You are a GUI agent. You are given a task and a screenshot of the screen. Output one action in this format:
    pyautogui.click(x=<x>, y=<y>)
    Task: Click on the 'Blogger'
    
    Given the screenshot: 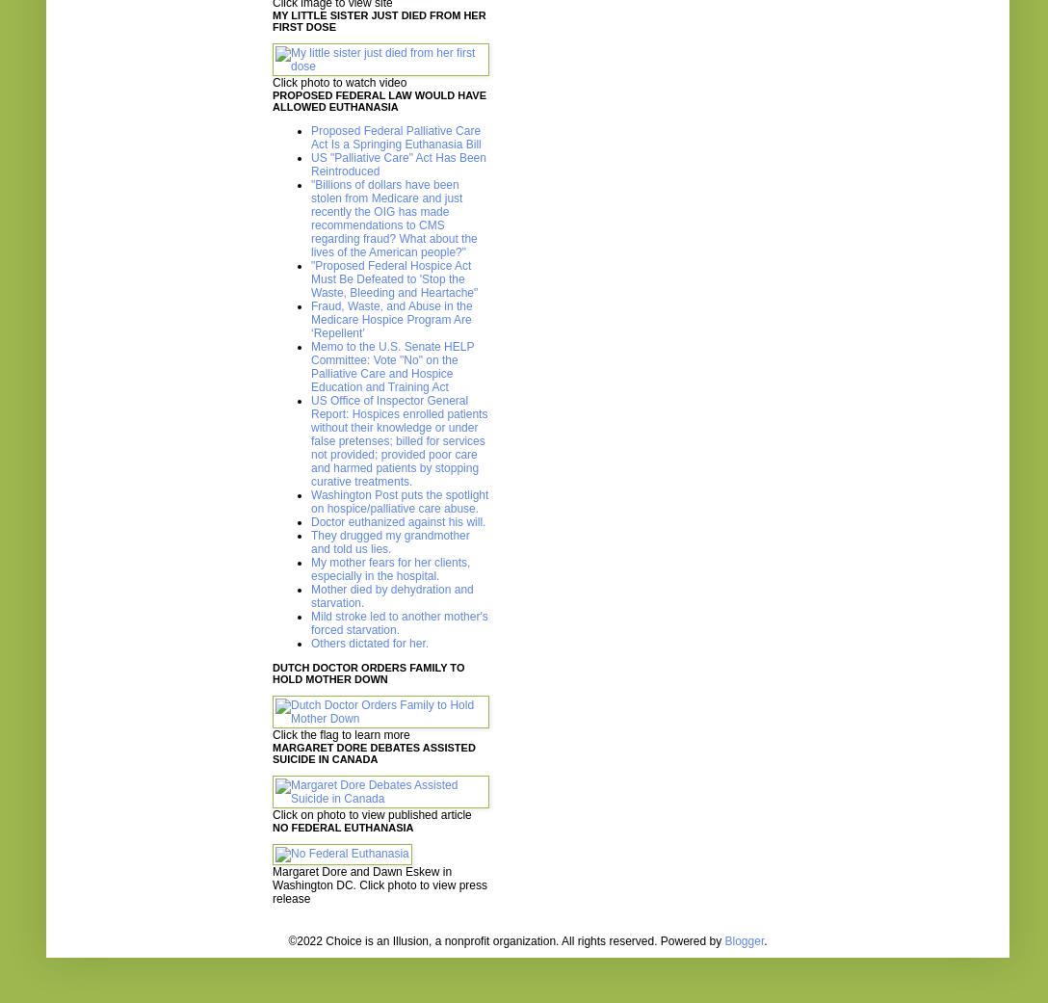 What is the action you would take?
    pyautogui.click(x=743, y=940)
    